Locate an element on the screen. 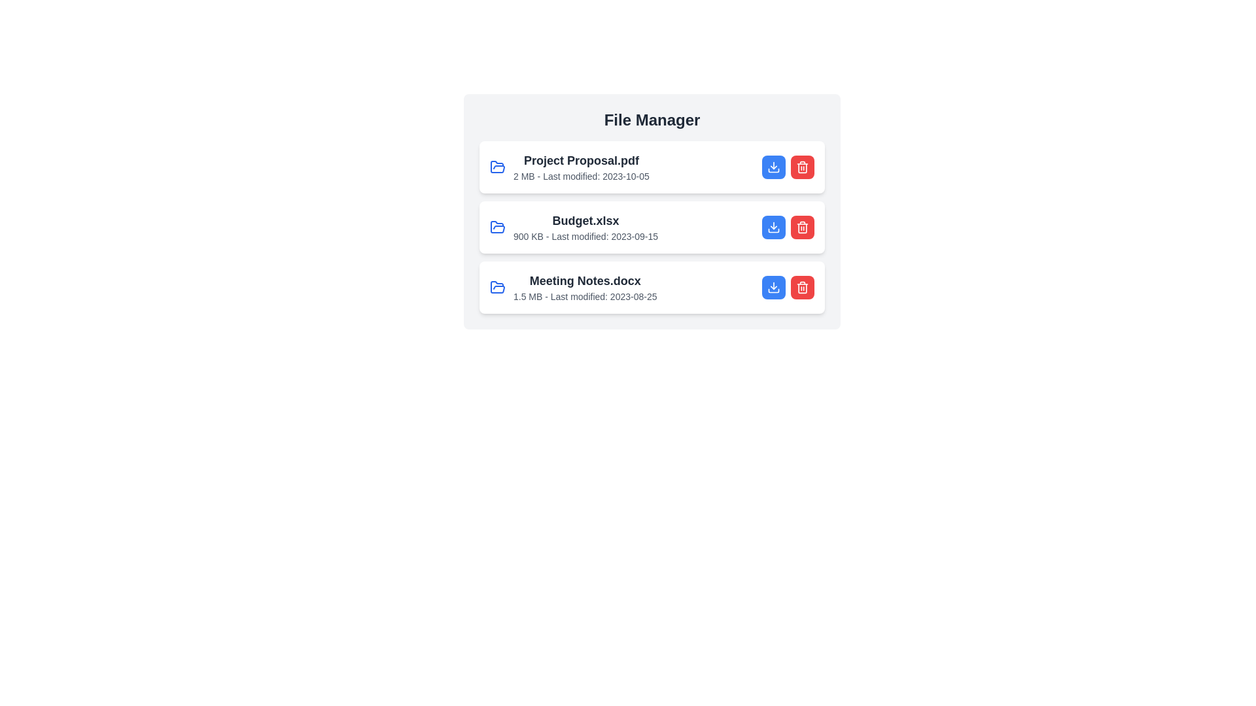 The image size is (1256, 706). download button for the file named Meeting Notes.docx is located at coordinates (773, 286).